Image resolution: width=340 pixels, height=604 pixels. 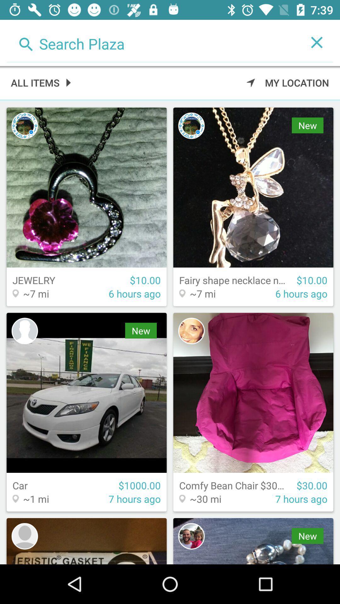 What do you see at coordinates (24, 536) in the screenshot?
I see `icon photo display` at bounding box center [24, 536].